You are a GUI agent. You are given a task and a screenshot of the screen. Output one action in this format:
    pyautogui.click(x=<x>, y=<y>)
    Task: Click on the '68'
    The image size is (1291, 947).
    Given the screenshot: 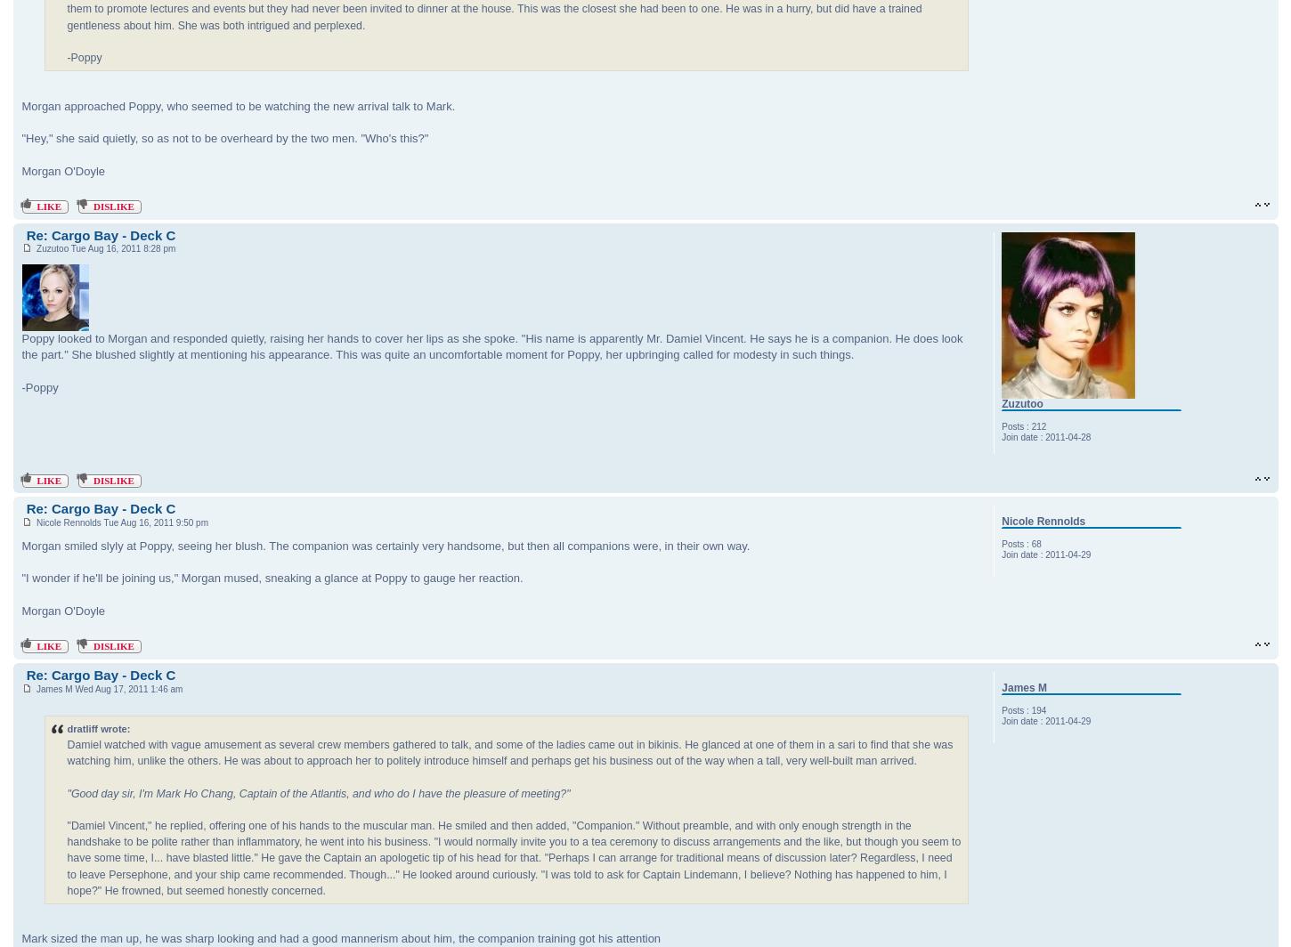 What is the action you would take?
    pyautogui.click(x=1035, y=544)
    